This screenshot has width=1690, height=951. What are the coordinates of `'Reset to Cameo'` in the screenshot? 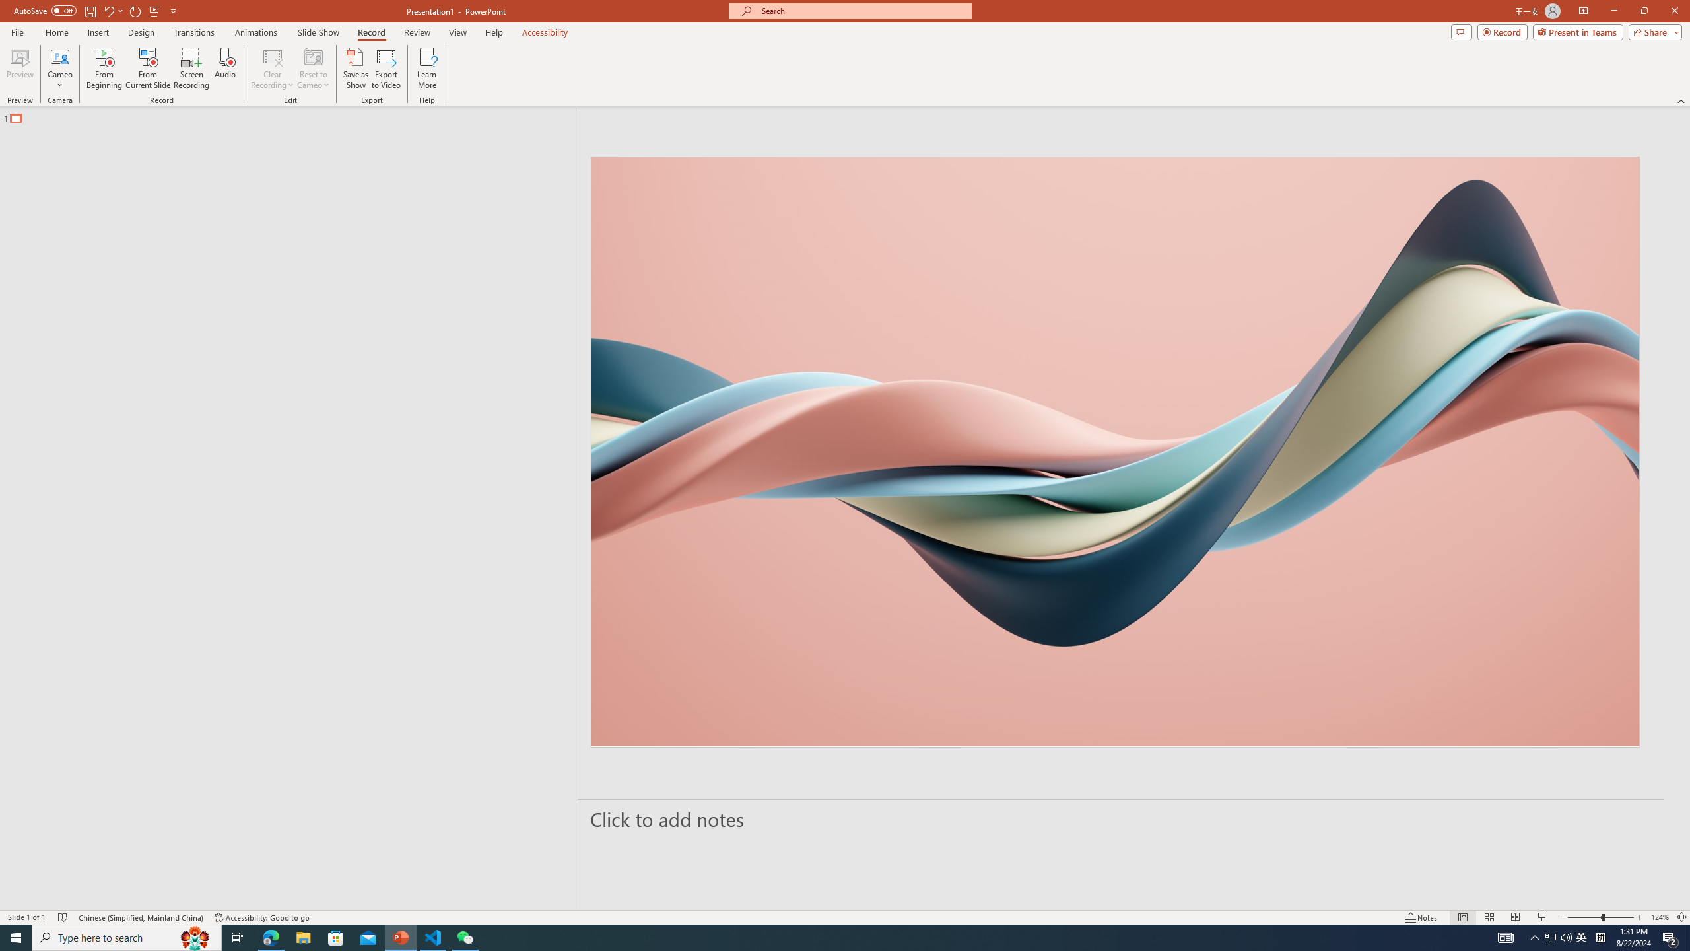 It's located at (312, 68).